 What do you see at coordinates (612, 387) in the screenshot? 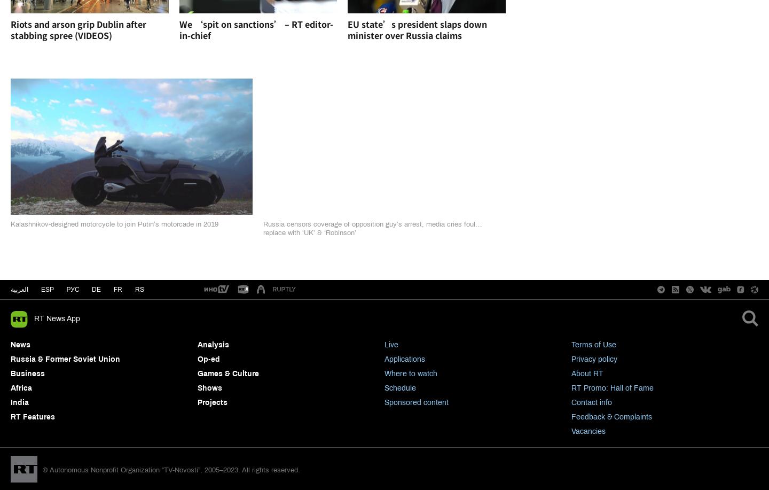
I see `'RT Promo: Hall of Fame'` at bounding box center [612, 387].